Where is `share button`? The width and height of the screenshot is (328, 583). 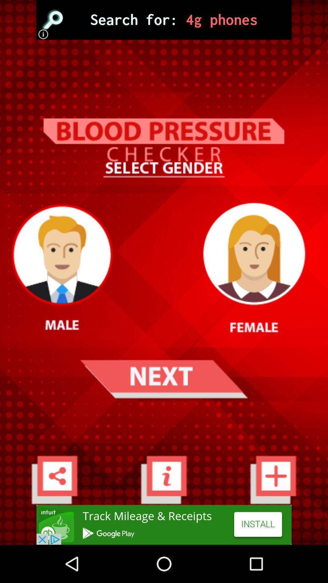
share button is located at coordinates (54, 479).